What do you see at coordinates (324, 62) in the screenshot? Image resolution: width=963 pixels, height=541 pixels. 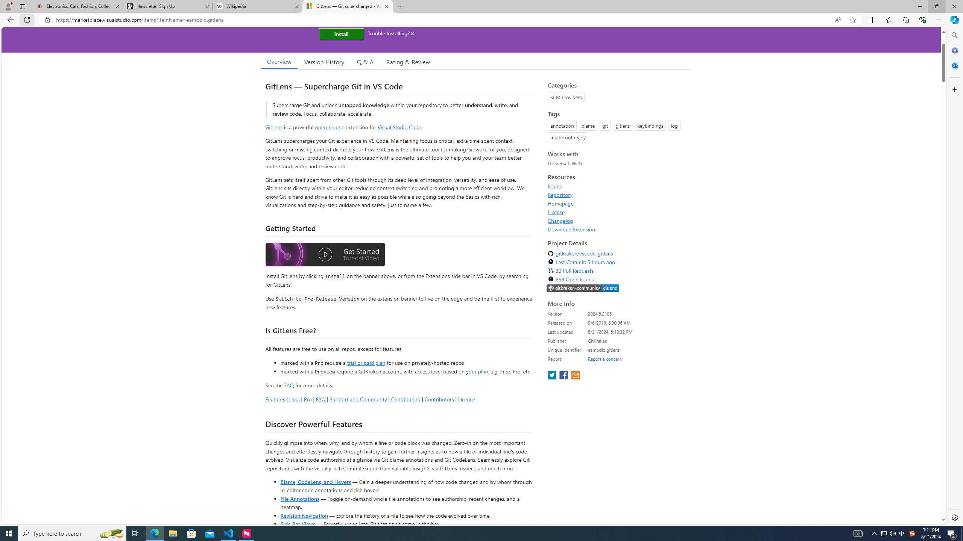 I see `'Version History'` at bounding box center [324, 62].